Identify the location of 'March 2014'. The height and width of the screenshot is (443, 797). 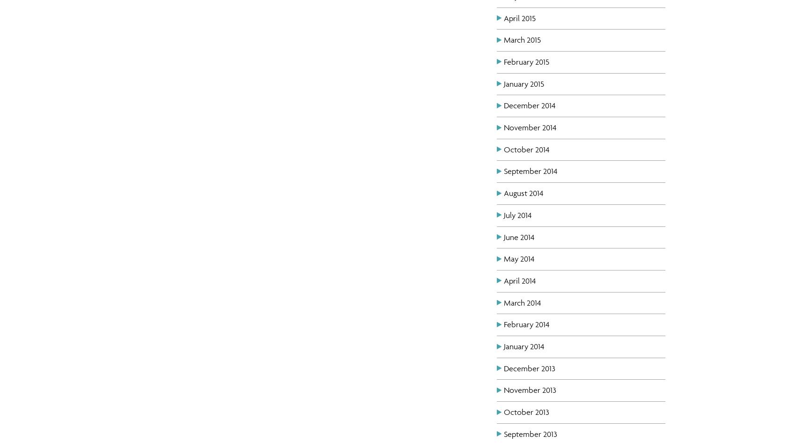
(522, 301).